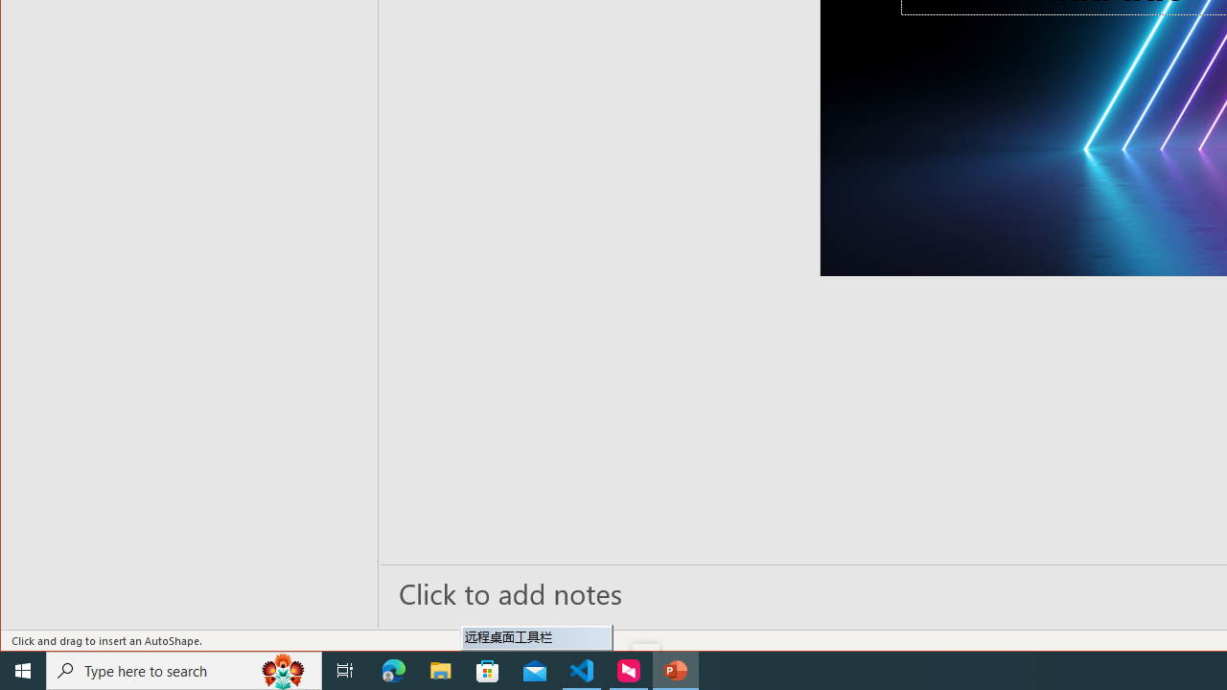 The height and width of the screenshot is (690, 1227). What do you see at coordinates (344, 669) in the screenshot?
I see `'Task View'` at bounding box center [344, 669].